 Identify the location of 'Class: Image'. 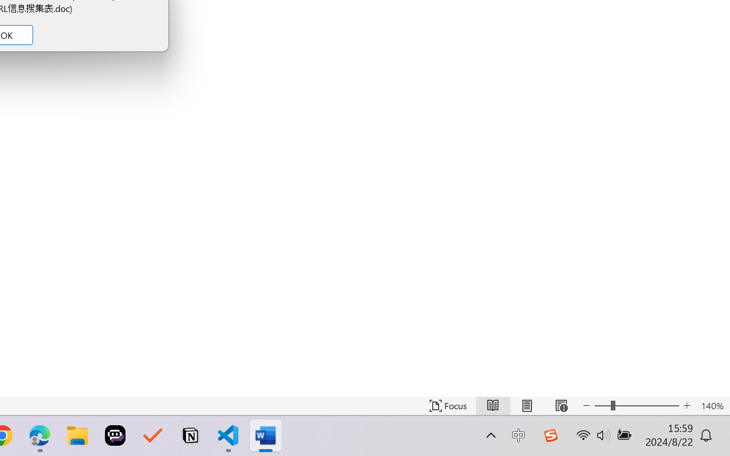
(550, 435).